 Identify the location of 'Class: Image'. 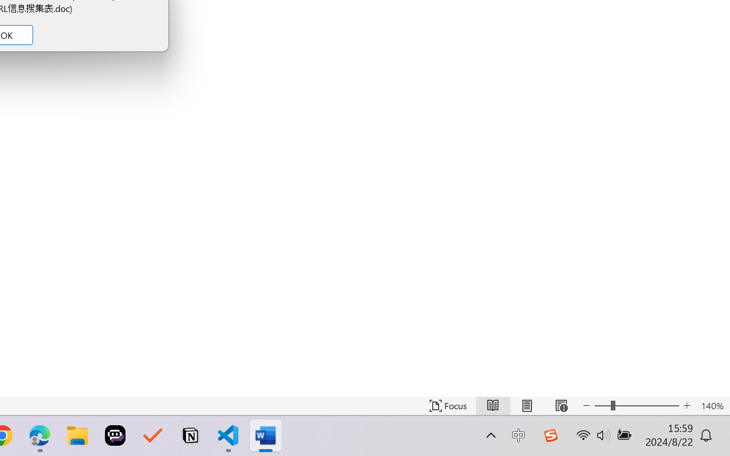
(550, 435).